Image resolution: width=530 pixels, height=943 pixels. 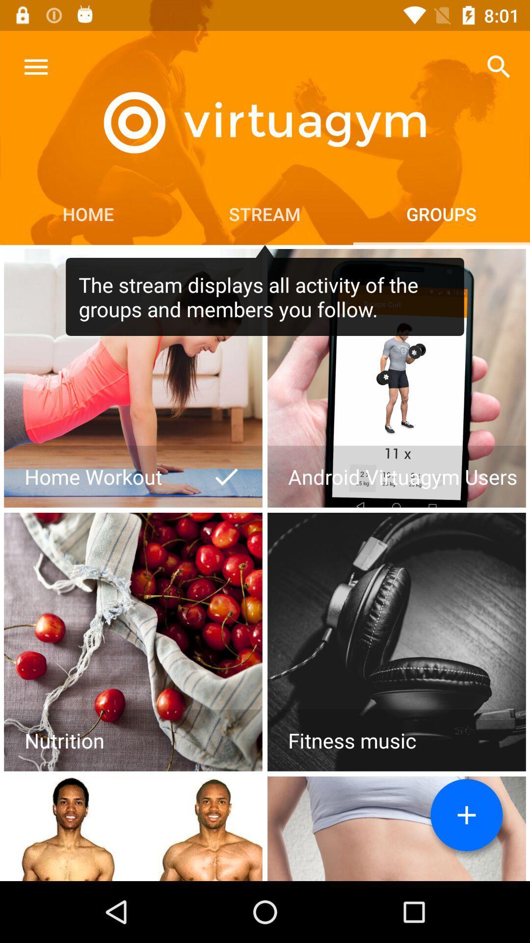 I want to click on home workout, so click(x=133, y=378).